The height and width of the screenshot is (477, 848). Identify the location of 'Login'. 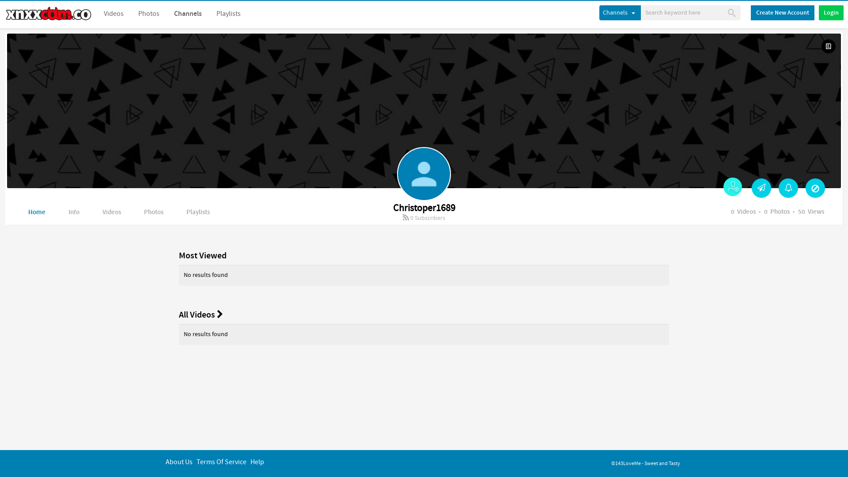
(830, 13).